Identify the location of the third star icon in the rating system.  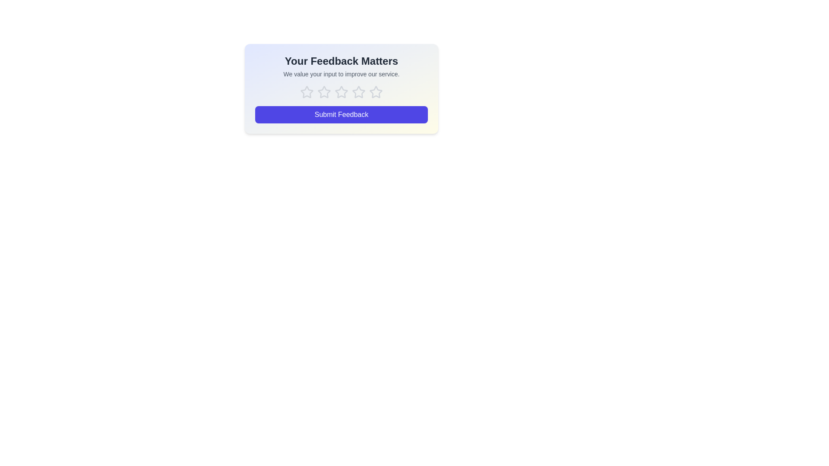
(341, 92).